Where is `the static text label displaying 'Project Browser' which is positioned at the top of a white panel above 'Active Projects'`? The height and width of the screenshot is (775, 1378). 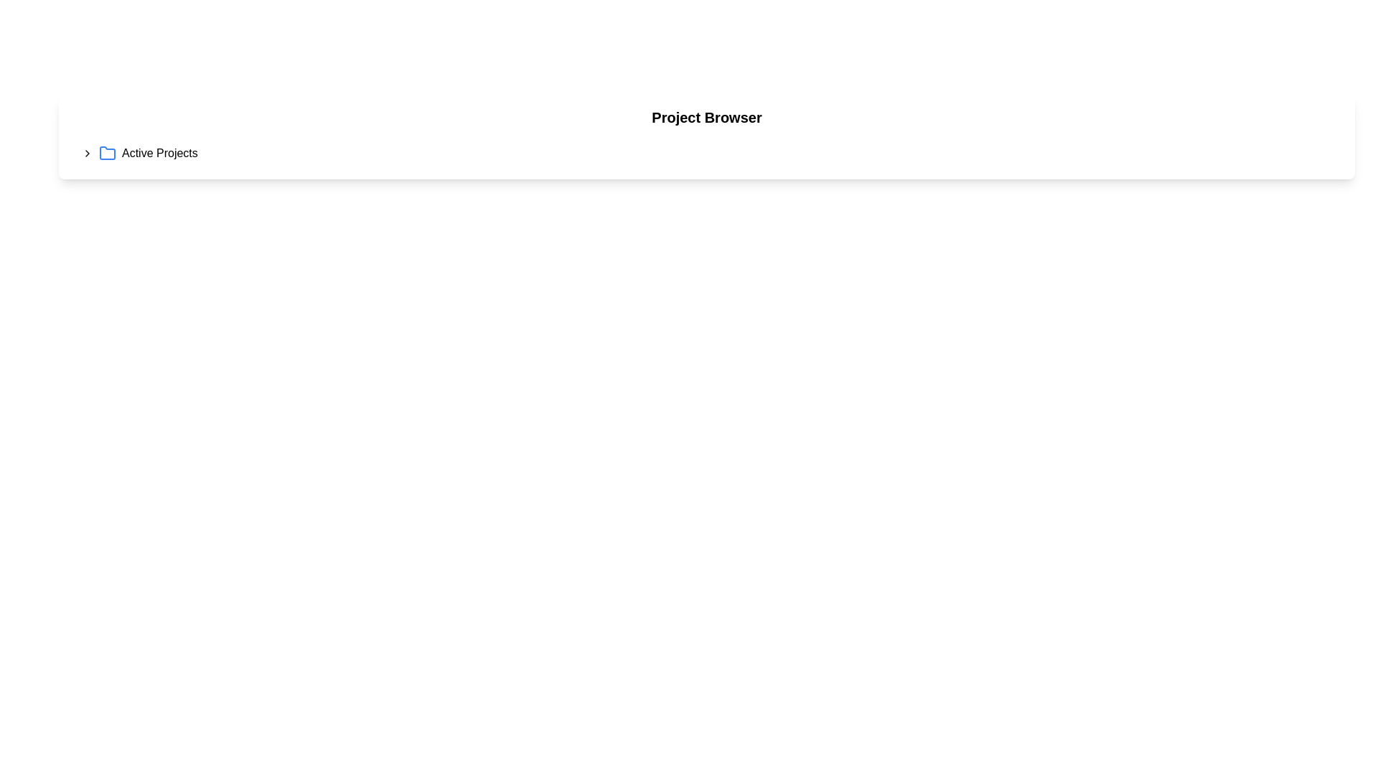 the static text label displaying 'Project Browser' which is positioned at the top of a white panel above 'Active Projects' is located at coordinates (706, 117).